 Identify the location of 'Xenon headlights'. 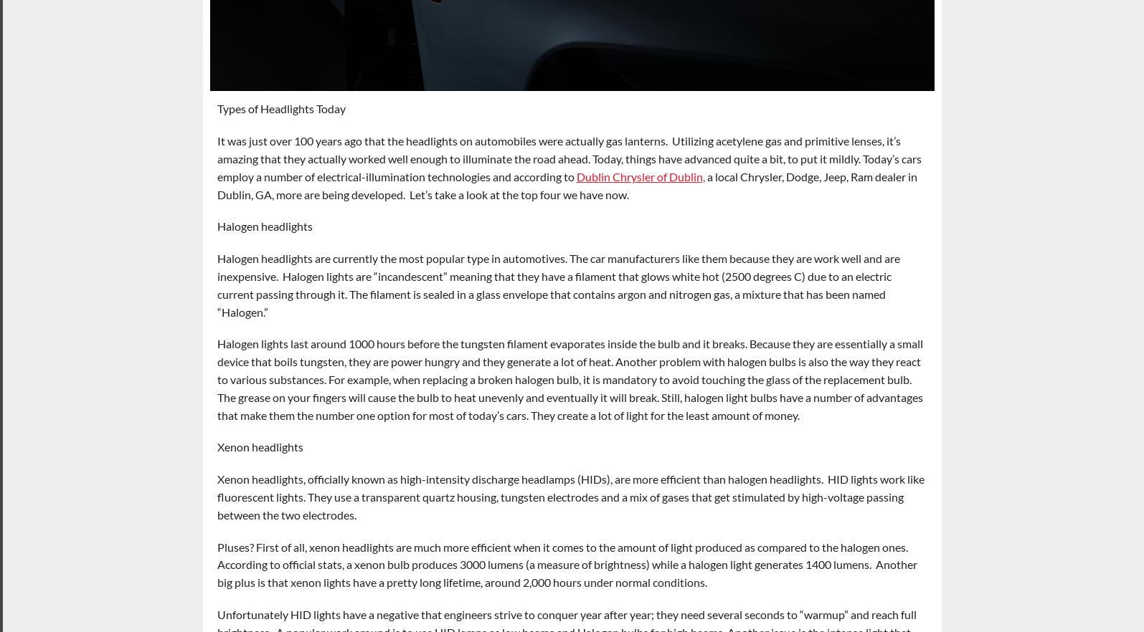
(260, 446).